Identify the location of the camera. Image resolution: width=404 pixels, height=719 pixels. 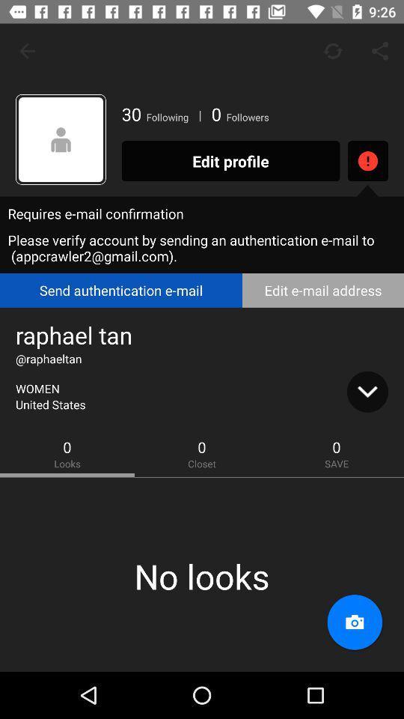
(354, 622).